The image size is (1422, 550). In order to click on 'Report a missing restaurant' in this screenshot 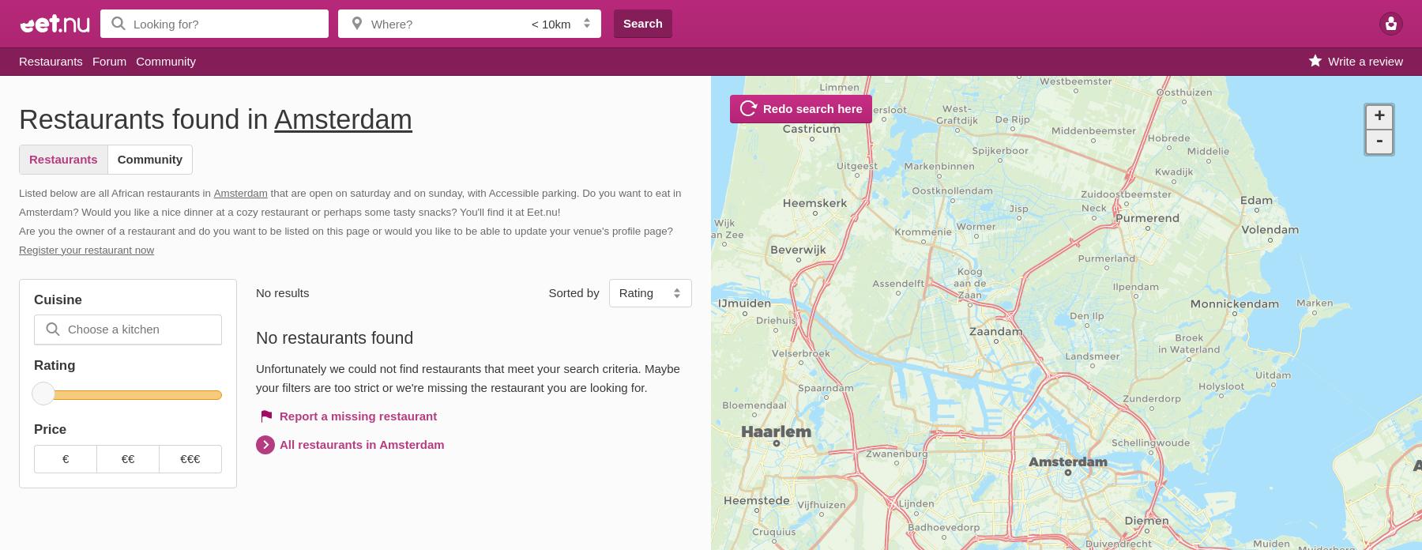, I will do `click(357, 416)`.